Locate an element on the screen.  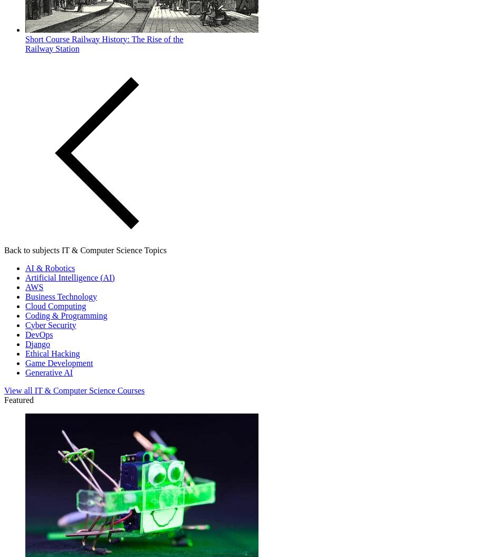
'AWS' is located at coordinates (25, 286).